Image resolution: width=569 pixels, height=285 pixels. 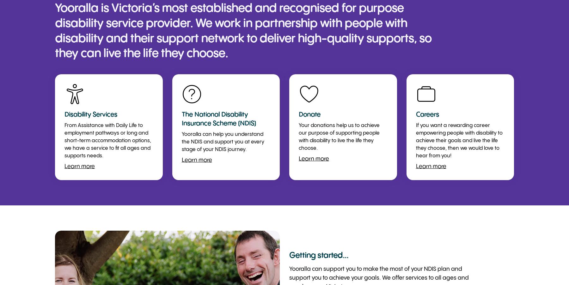 I want to click on 'Your donations help us to achieve our purpose of supporting people with disability to live the life they choose.', so click(x=339, y=137).